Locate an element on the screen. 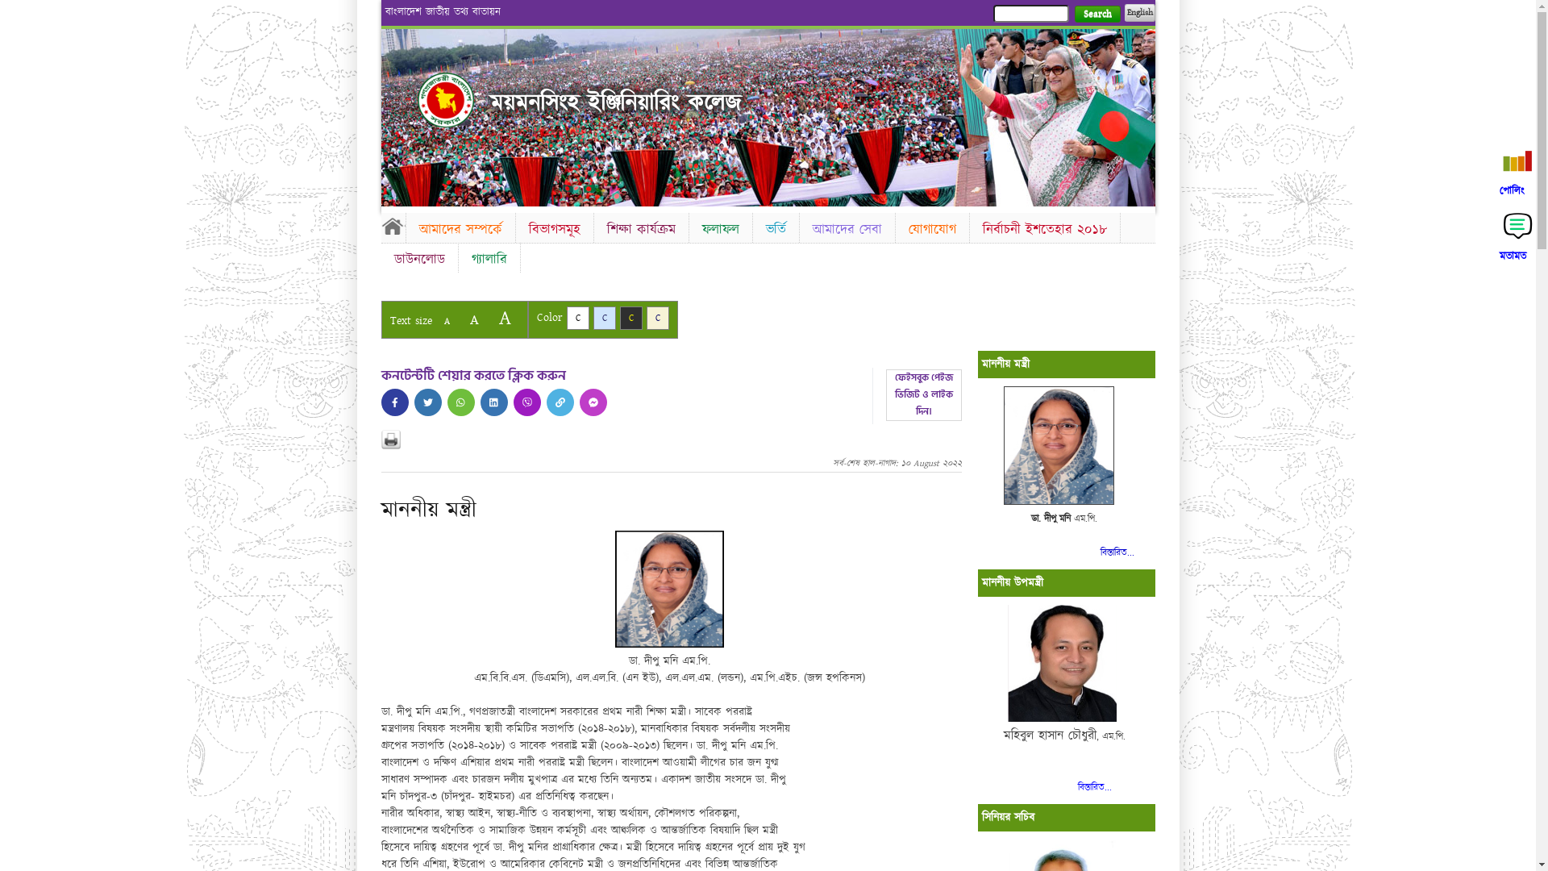  'A' is located at coordinates (489, 318).